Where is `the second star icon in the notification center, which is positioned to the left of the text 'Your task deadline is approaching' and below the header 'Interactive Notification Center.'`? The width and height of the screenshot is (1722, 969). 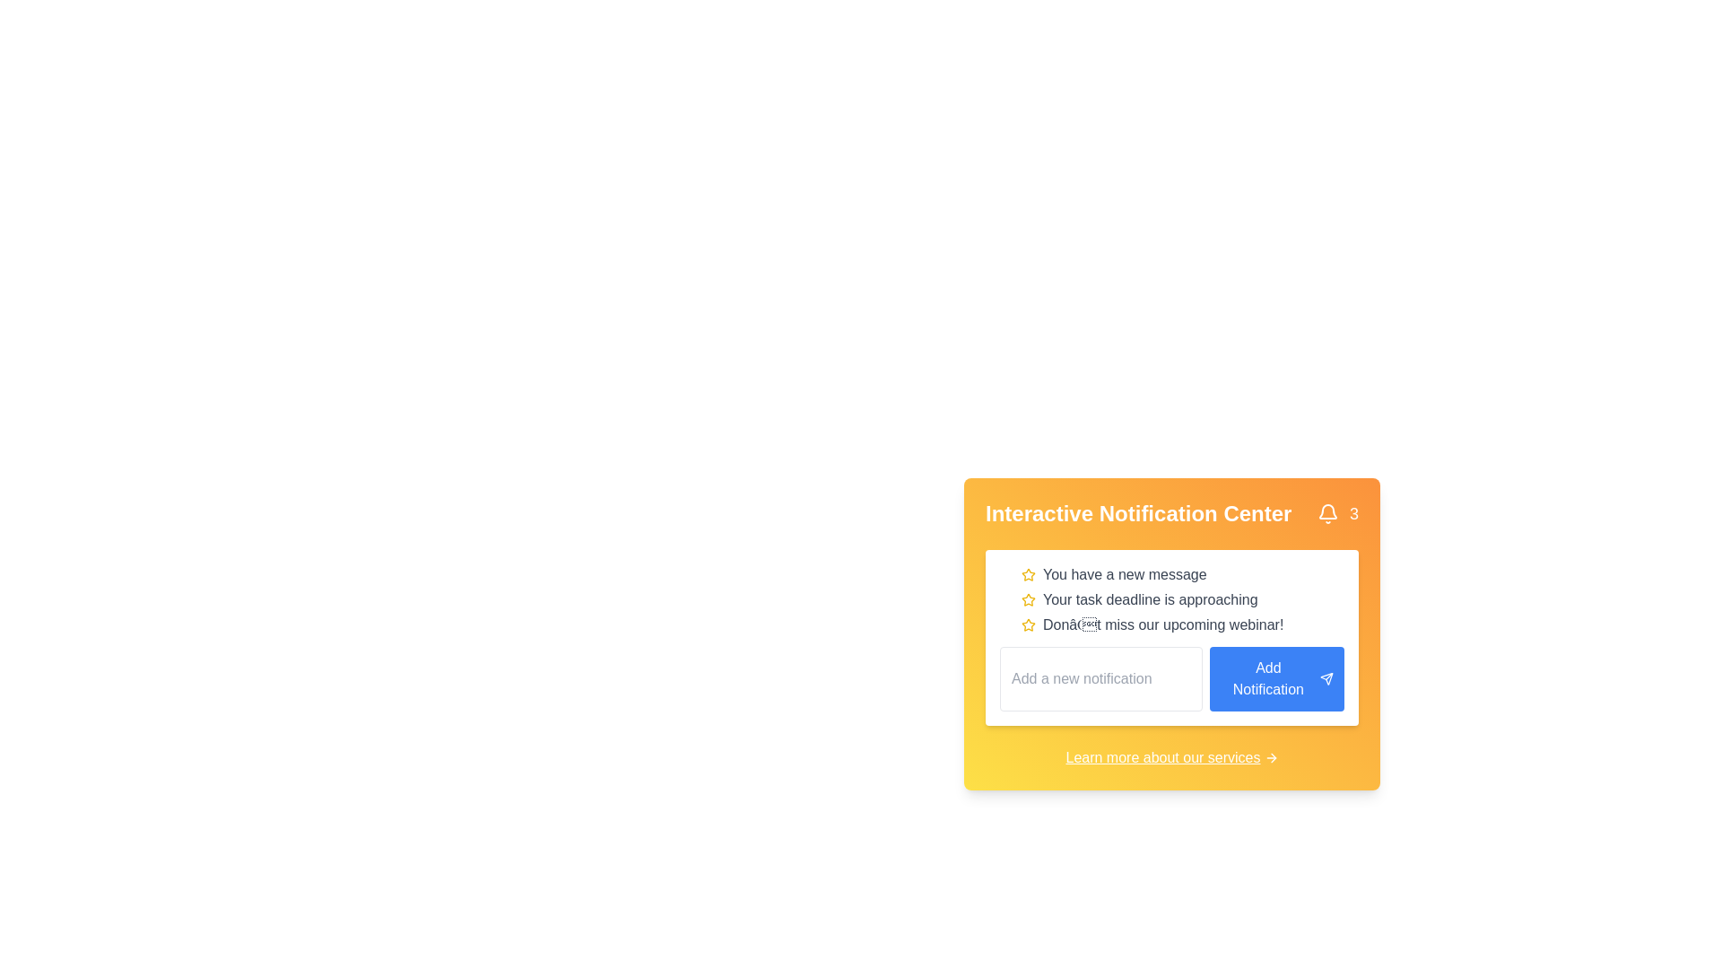
the second star icon in the notification center, which is positioned to the left of the text 'Your task deadline is approaching' and below the header 'Interactive Notification Center.' is located at coordinates (1029, 599).